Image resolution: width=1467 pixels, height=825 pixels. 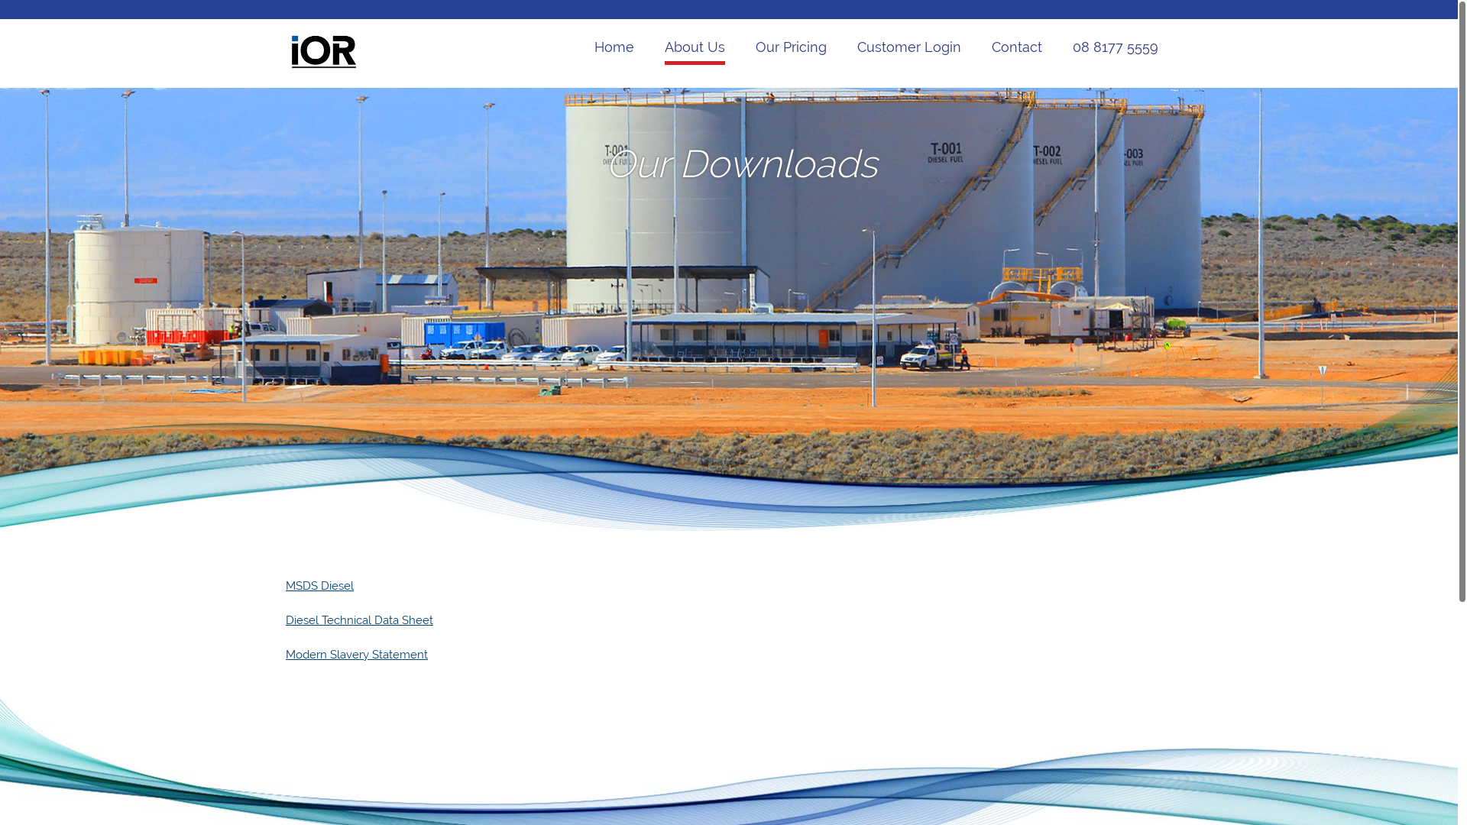 What do you see at coordinates (857, 48) in the screenshot?
I see `'Customer Login'` at bounding box center [857, 48].